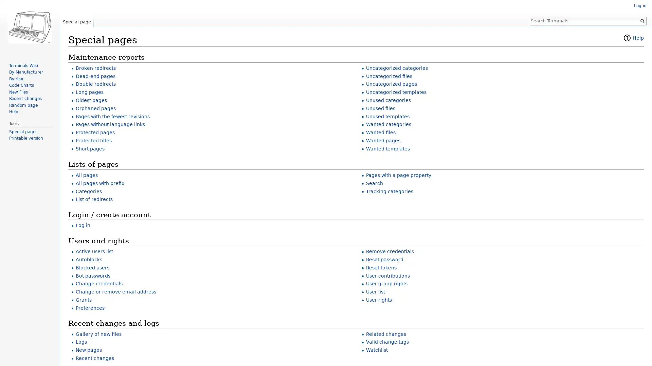 This screenshot has height=366, width=652. What do you see at coordinates (642, 20) in the screenshot?
I see `Go` at bounding box center [642, 20].